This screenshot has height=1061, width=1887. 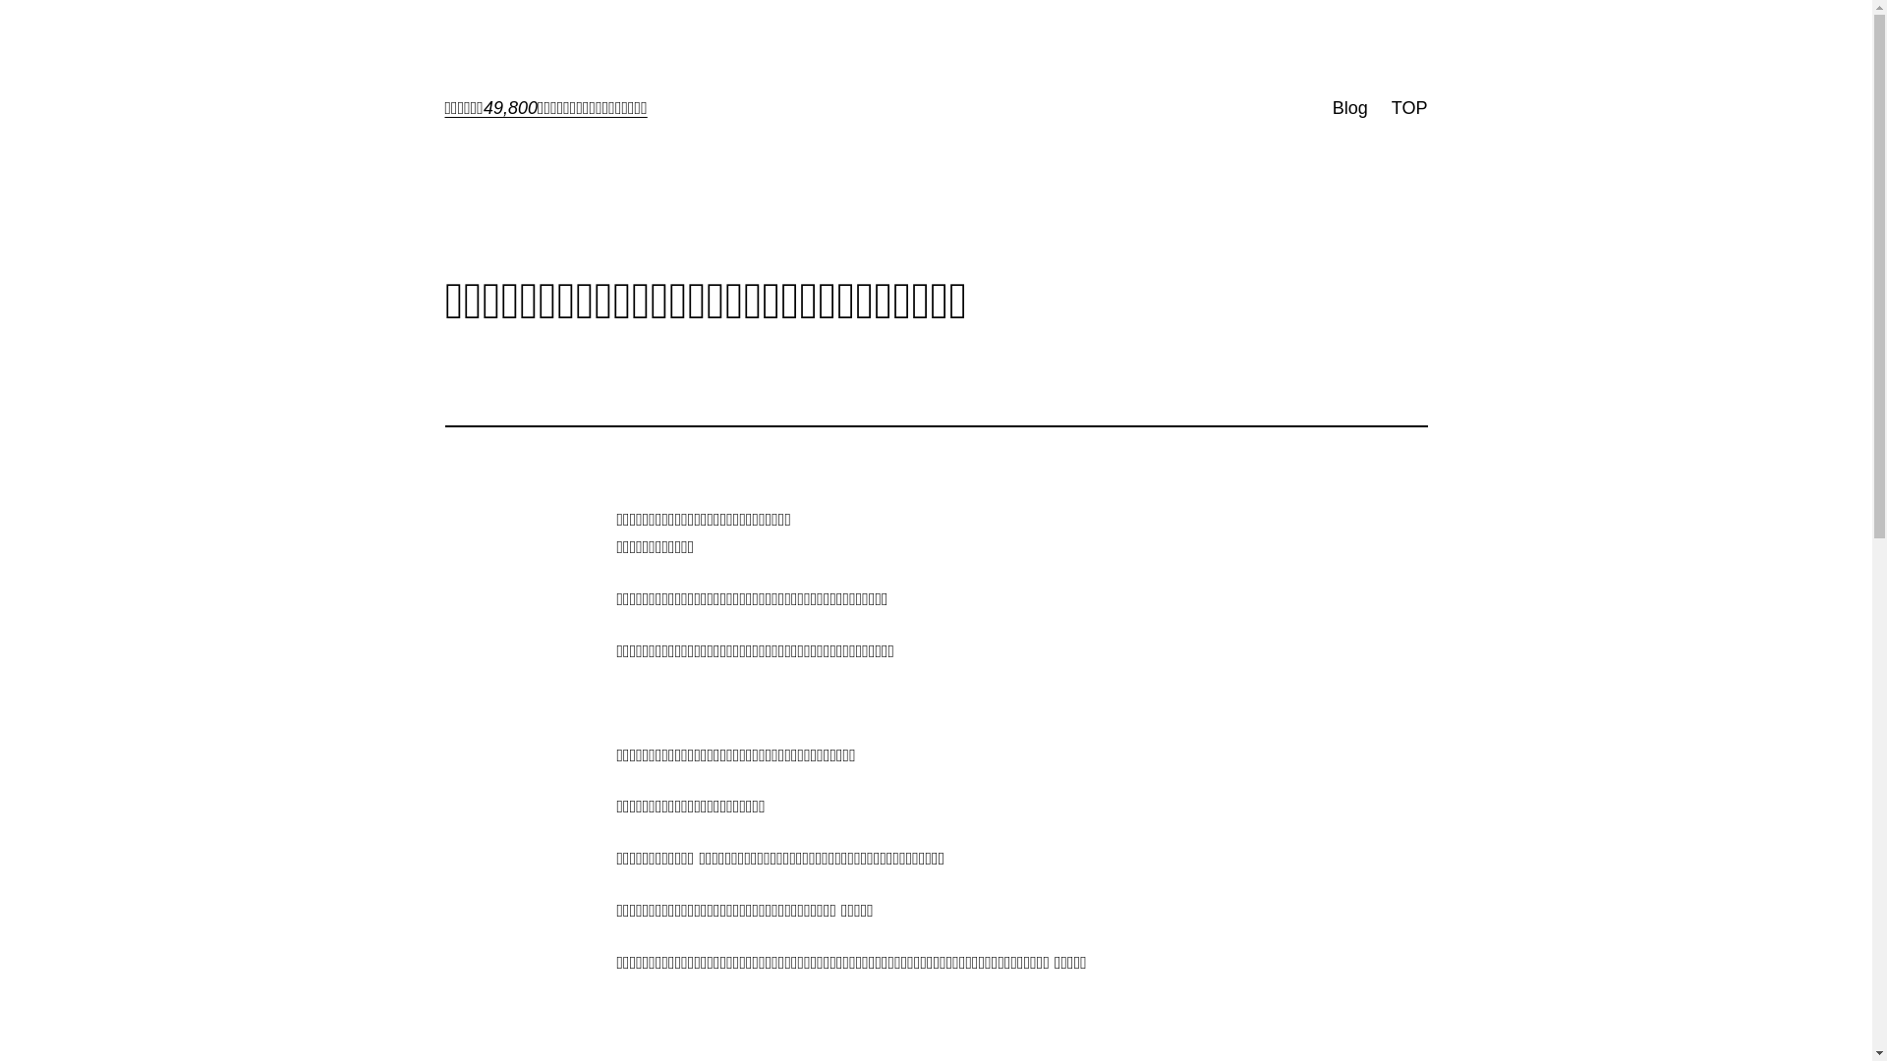 What do you see at coordinates (1348, 108) in the screenshot?
I see `'Blog'` at bounding box center [1348, 108].